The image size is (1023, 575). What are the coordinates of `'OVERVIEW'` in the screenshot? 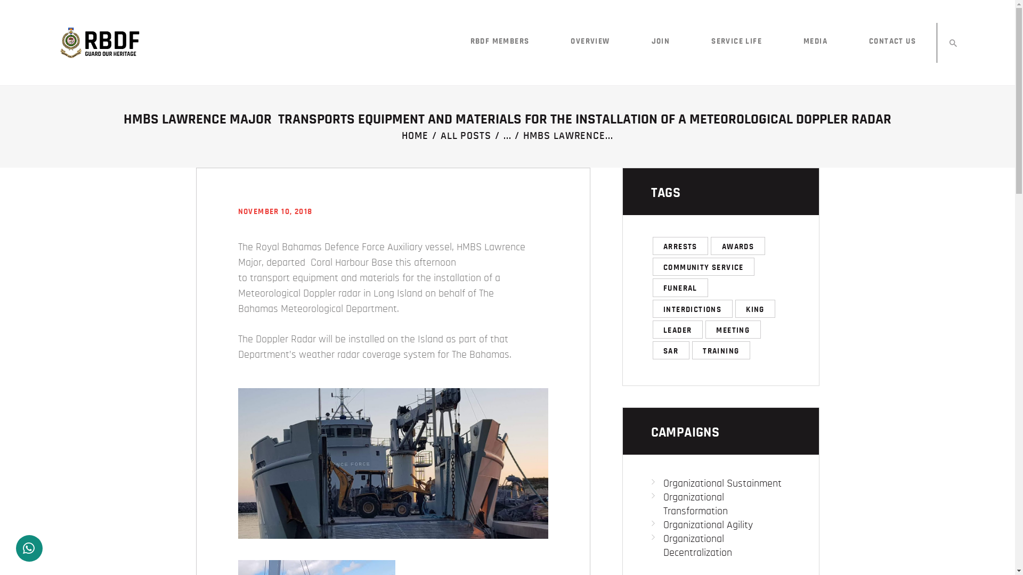 It's located at (589, 41).